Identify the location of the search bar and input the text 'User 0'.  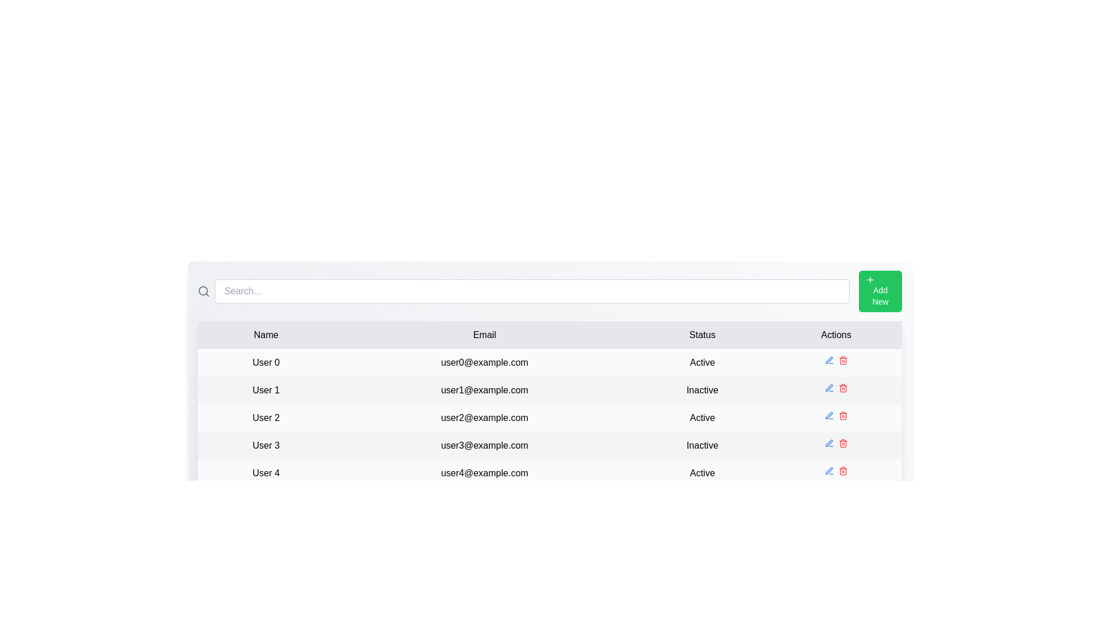
(531, 290).